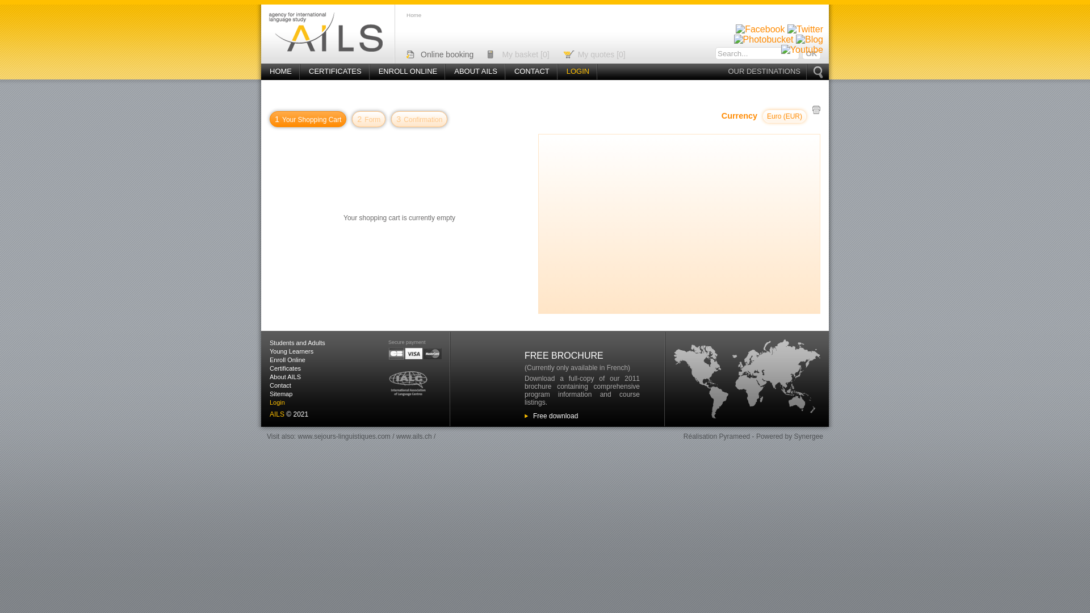  Describe the element at coordinates (285, 376) in the screenshot. I see `'About AILS'` at that location.